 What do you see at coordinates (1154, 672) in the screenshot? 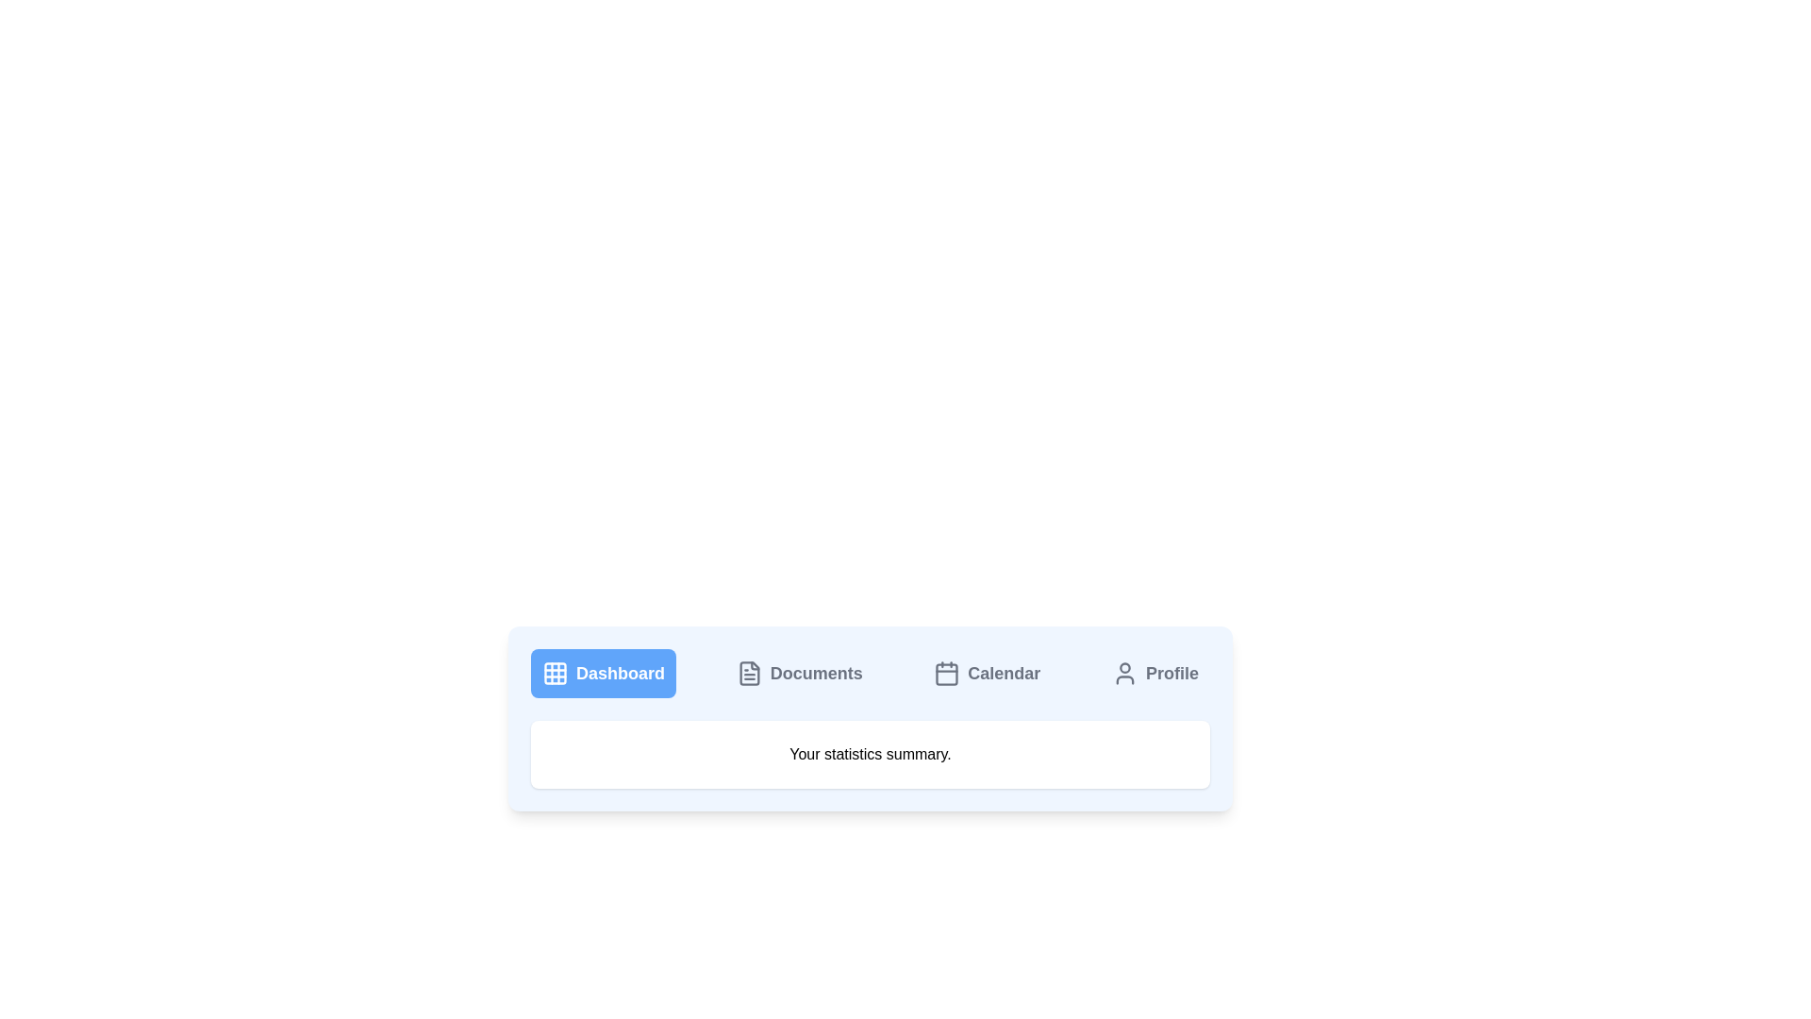
I see `the 'Profile' button located in the top-right of the navigation bar` at bounding box center [1154, 672].